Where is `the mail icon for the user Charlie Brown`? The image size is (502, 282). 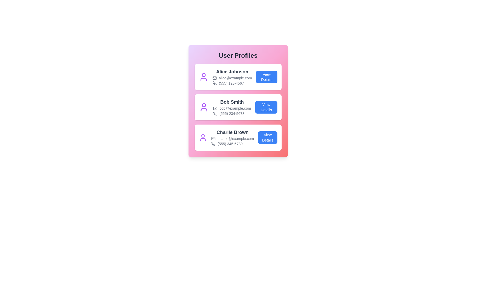
the mail icon for the user Charlie Brown is located at coordinates (213, 138).